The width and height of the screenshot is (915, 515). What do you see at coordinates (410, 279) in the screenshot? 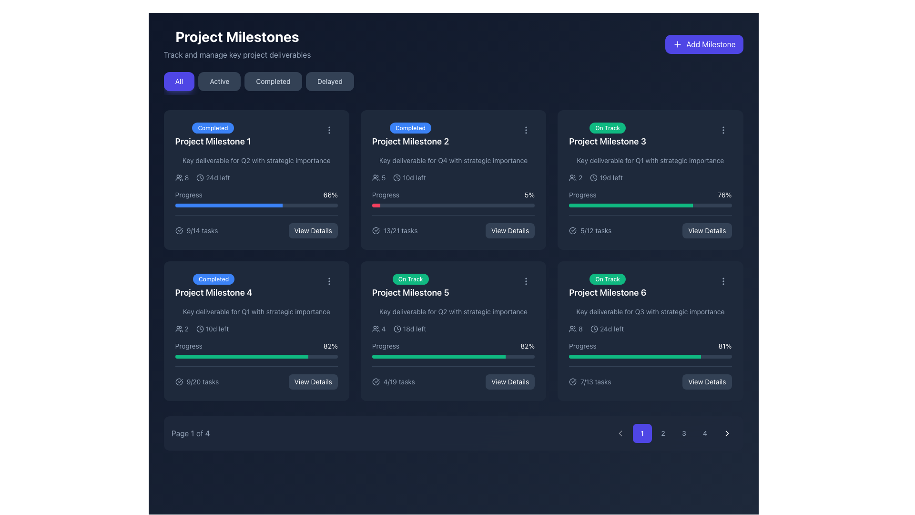
I see `the Status badge, which is a small rectangular badge with rounded corners, a green background, and white text reading 'On Track', located in the 'Project Milestone 5' block` at bounding box center [410, 279].